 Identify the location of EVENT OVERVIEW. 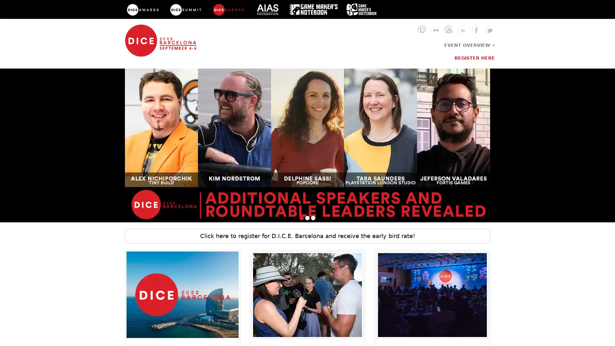
(469, 45).